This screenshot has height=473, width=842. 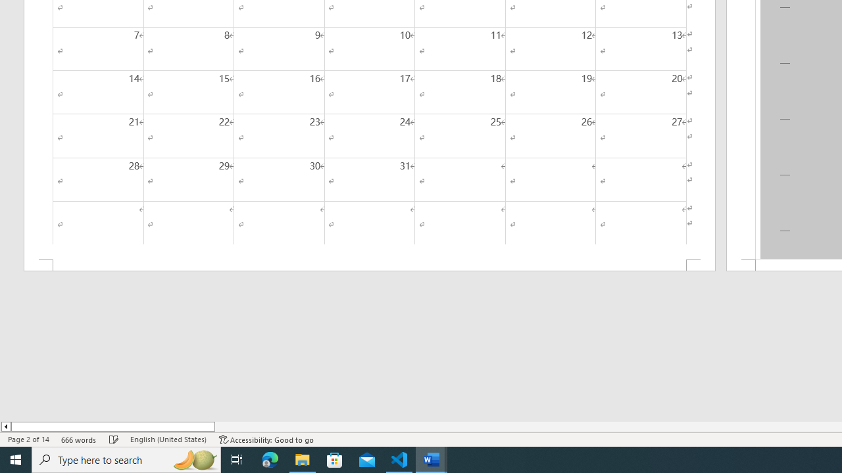 What do you see at coordinates (78, 439) in the screenshot?
I see `'Word Count 666 words'` at bounding box center [78, 439].